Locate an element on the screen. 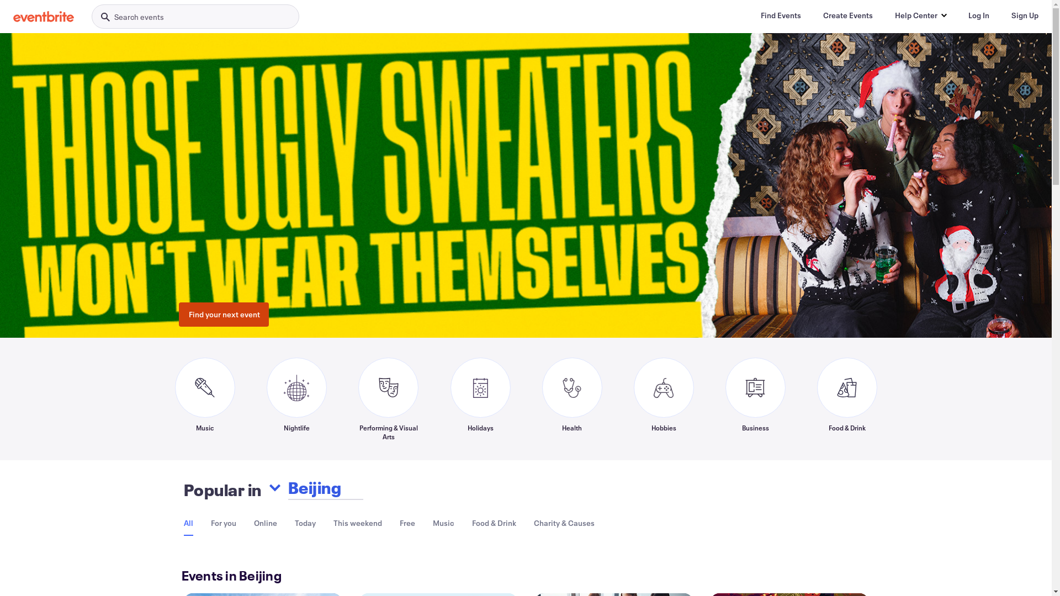 This screenshot has height=596, width=1060. 'For you' is located at coordinates (222, 522).